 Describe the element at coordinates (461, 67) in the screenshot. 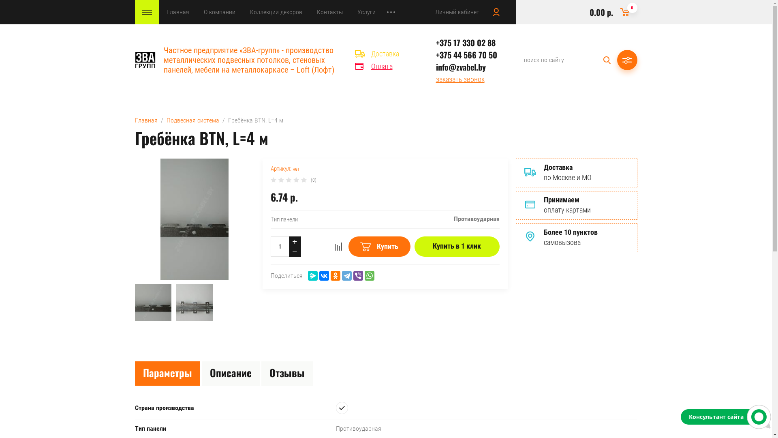

I see `'info@zvabel.by'` at that location.